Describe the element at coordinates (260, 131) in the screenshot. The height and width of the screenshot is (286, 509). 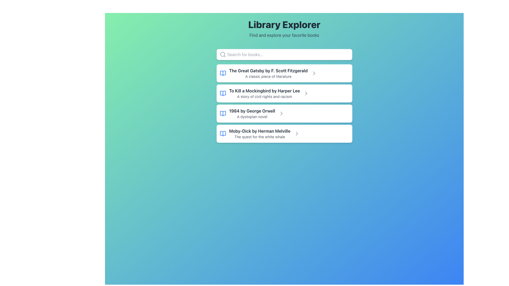
I see `the text label displaying the title and author of the fourth book entry in the vertically stacked list, located above the subtitle 'The quest for the white whale'` at that location.